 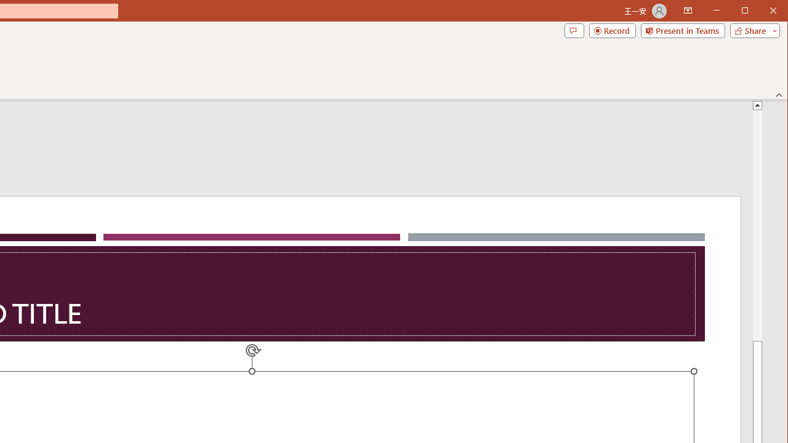 What do you see at coordinates (762, 12) in the screenshot?
I see `'Maximize'` at bounding box center [762, 12].